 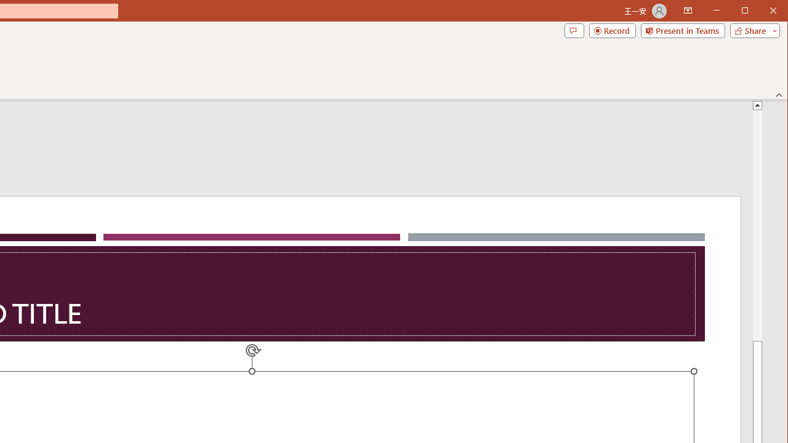 What do you see at coordinates (762, 12) in the screenshot?
I see `'Maximize'` at bounding box center [762, 12].